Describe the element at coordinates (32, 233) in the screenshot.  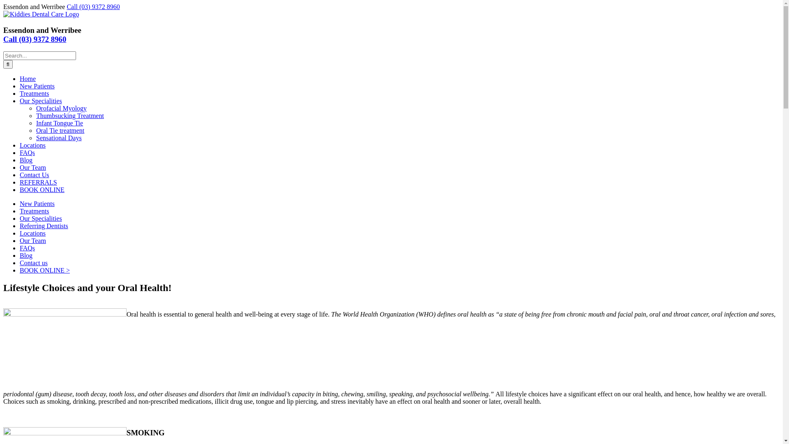
I see `'Locations'` at that location.